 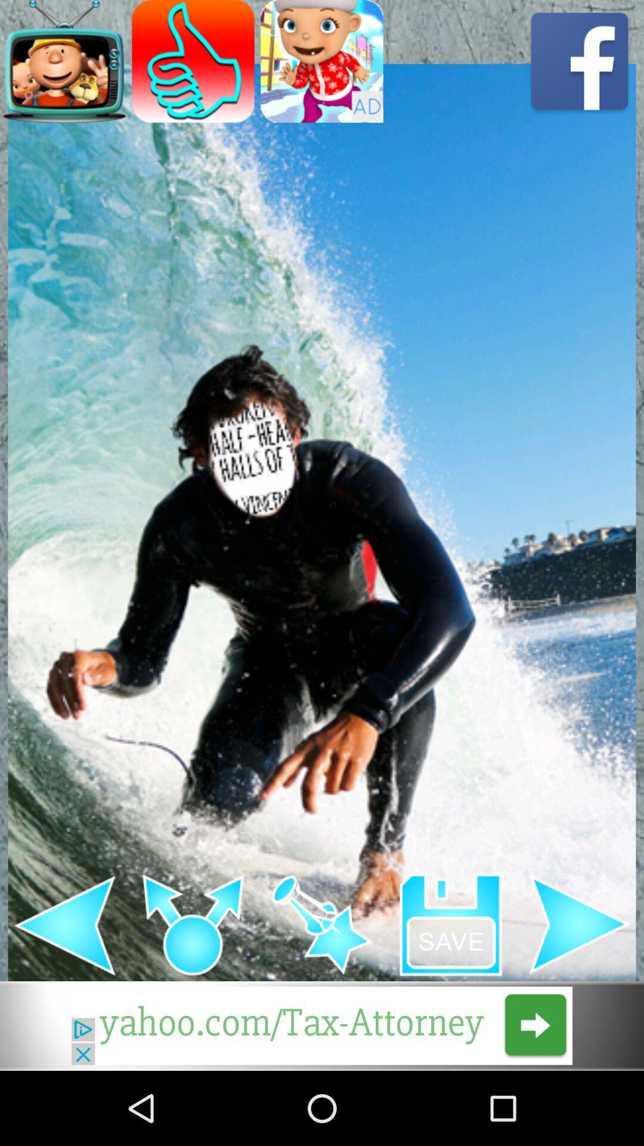 I want to click on the facebook icon, so click(x=579, y=65).